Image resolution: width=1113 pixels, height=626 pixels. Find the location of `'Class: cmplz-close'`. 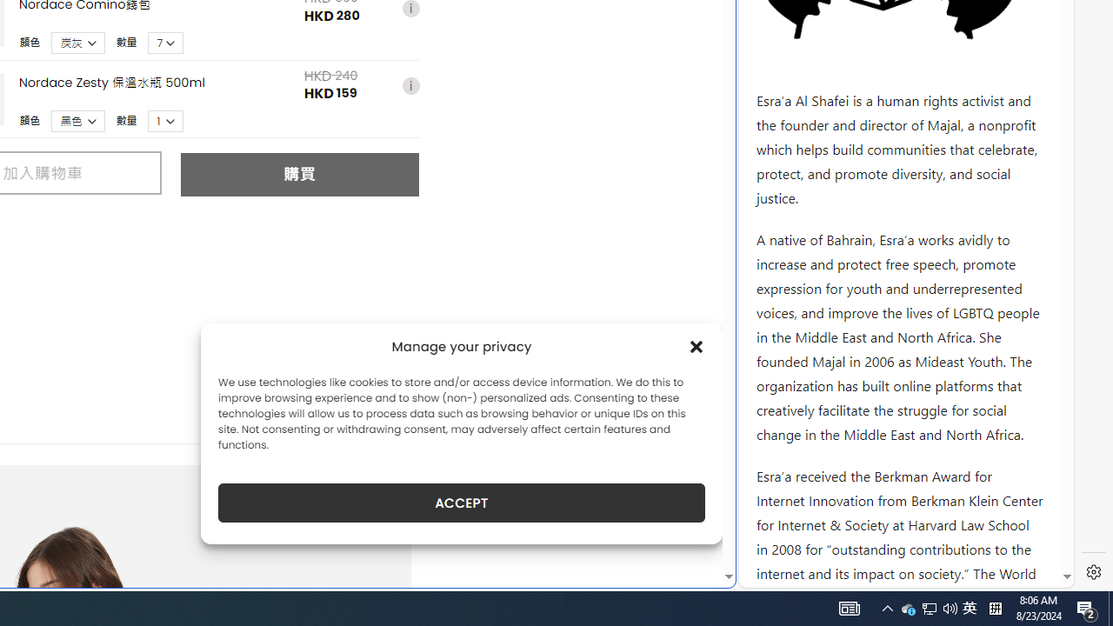

'Class: cmplz-close' is located at coordinates (696, 346).